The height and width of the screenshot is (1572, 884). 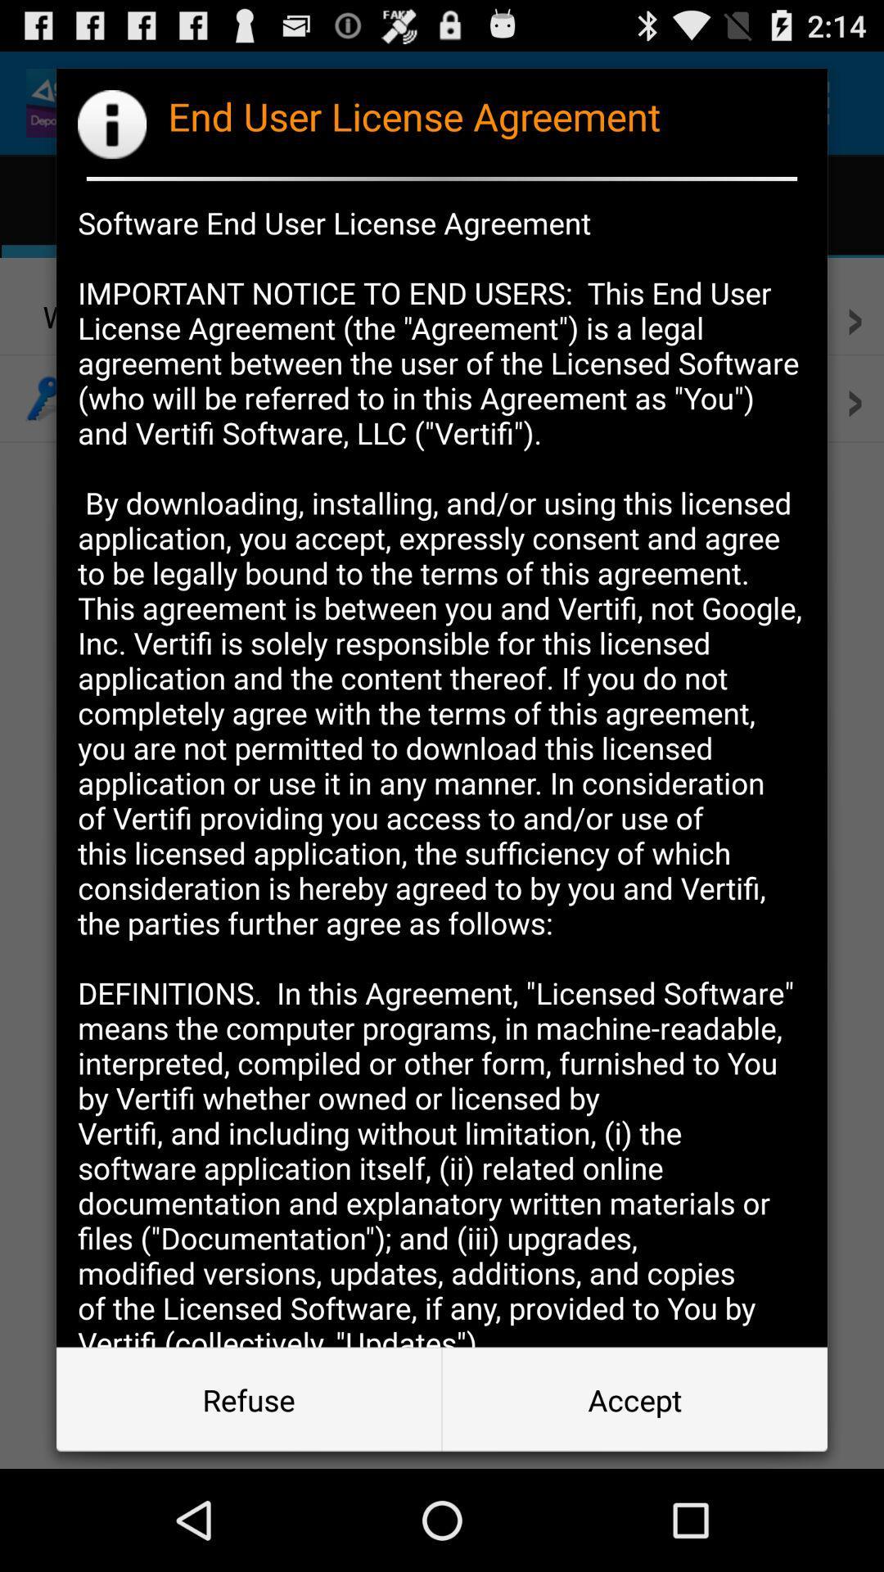 What do you see at coordinates (634, 1398) in the screenshot?
I see `the accept at the bottom right corner` at bounding box center [634, 1398].